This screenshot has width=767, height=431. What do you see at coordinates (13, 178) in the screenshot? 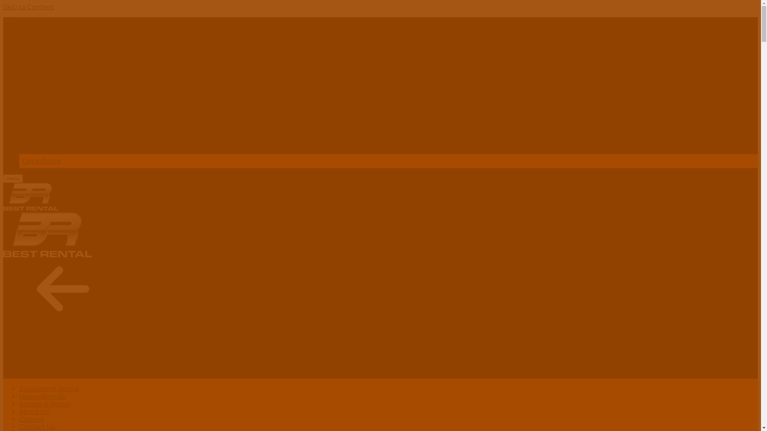
I see `'menu'` at bounding box center [13, 178].